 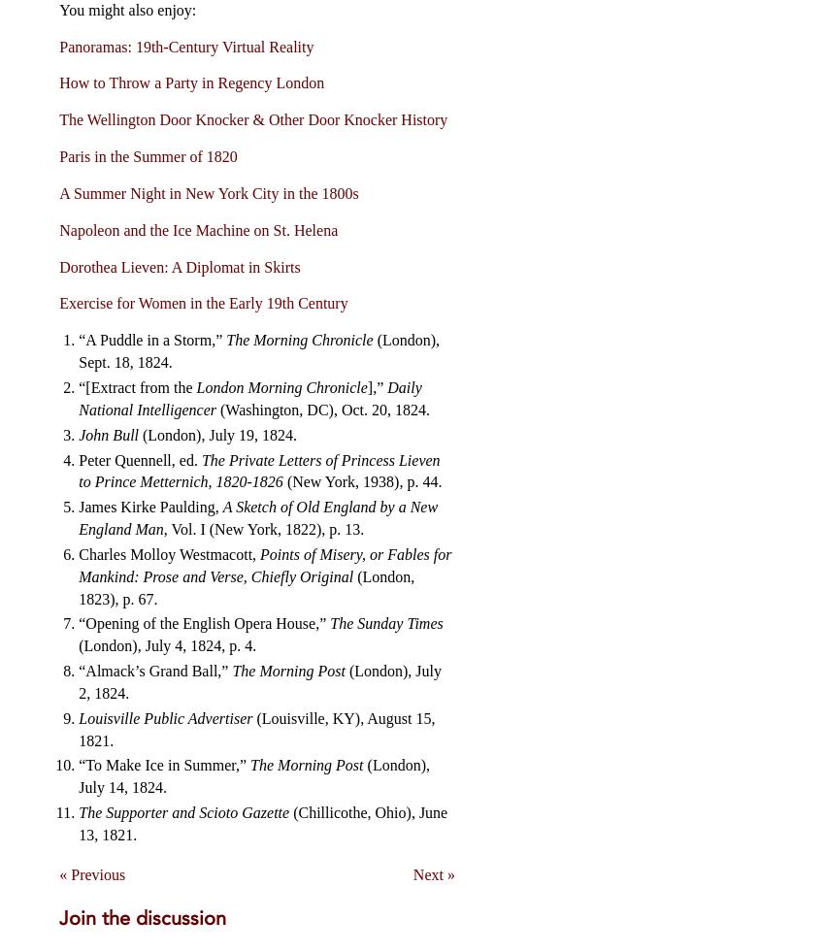 What do you see at coordinates (208, 191) in the screenshot?
I see `'A Summer Night in New York City in the 1800s'` at bounding box center [208, 191].